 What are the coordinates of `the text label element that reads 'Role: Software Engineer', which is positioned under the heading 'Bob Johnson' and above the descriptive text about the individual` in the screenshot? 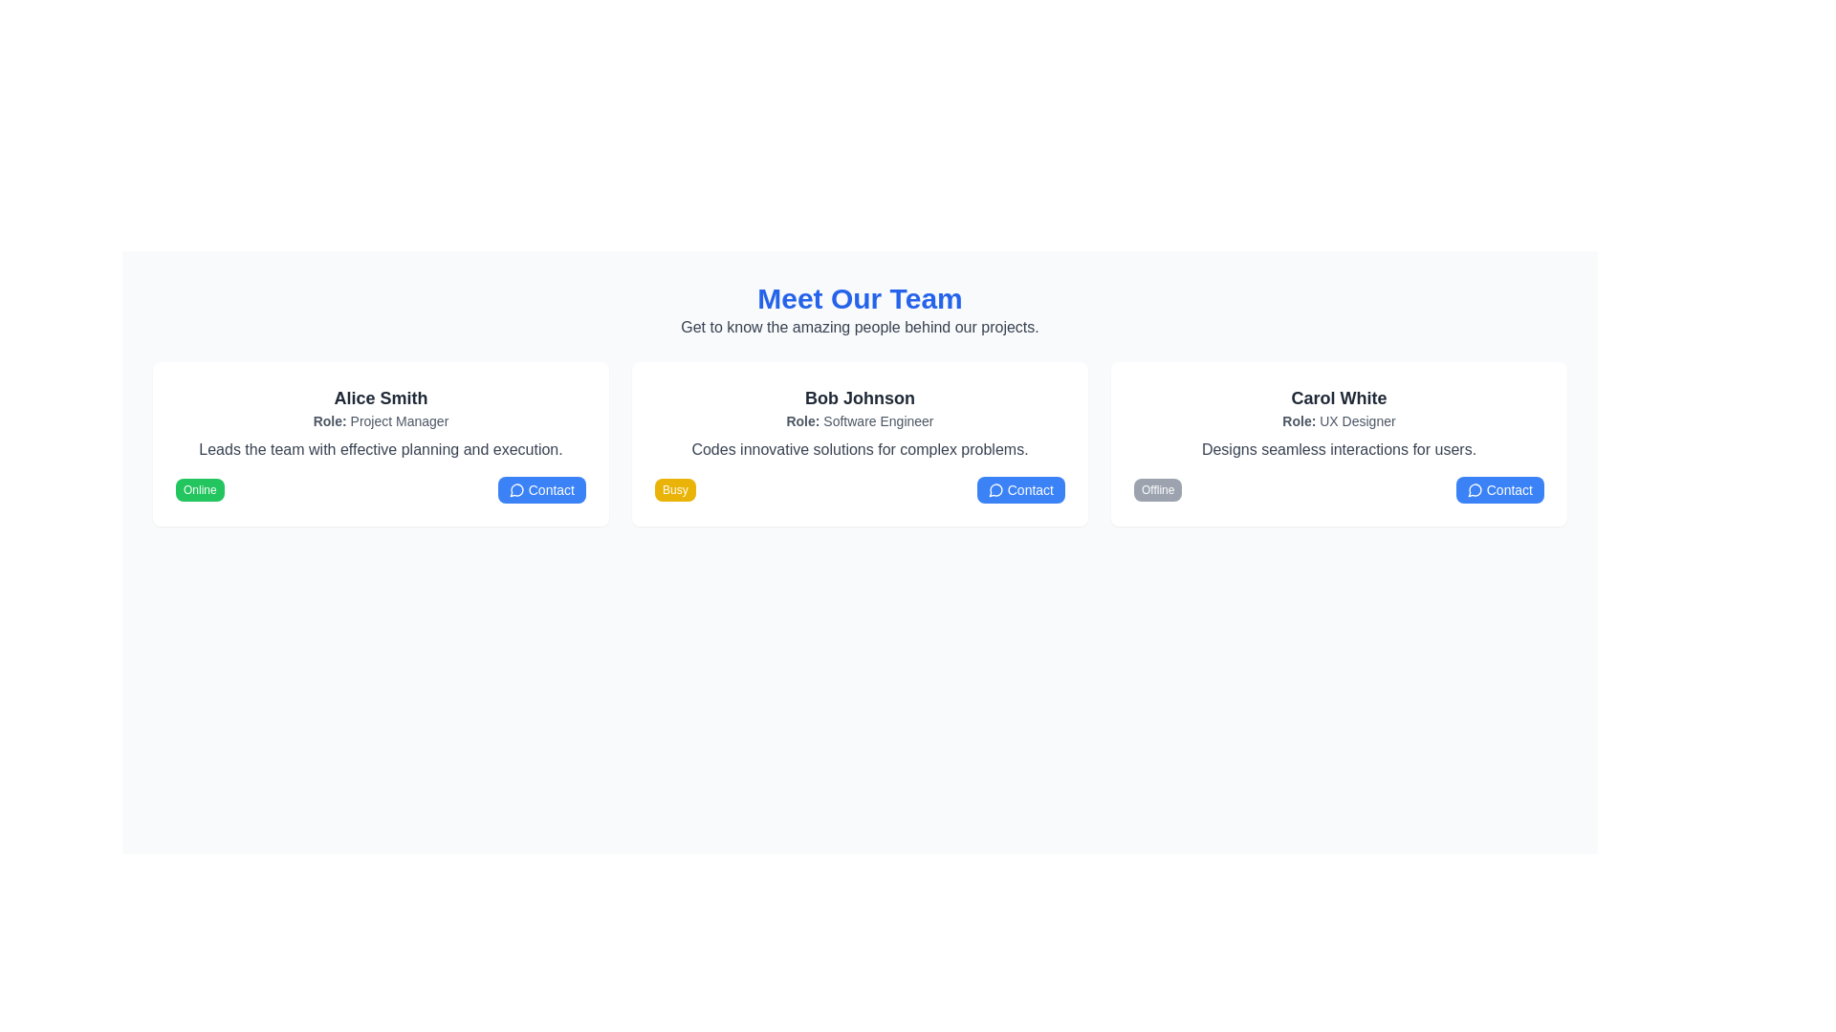 It's located at (859, 419).